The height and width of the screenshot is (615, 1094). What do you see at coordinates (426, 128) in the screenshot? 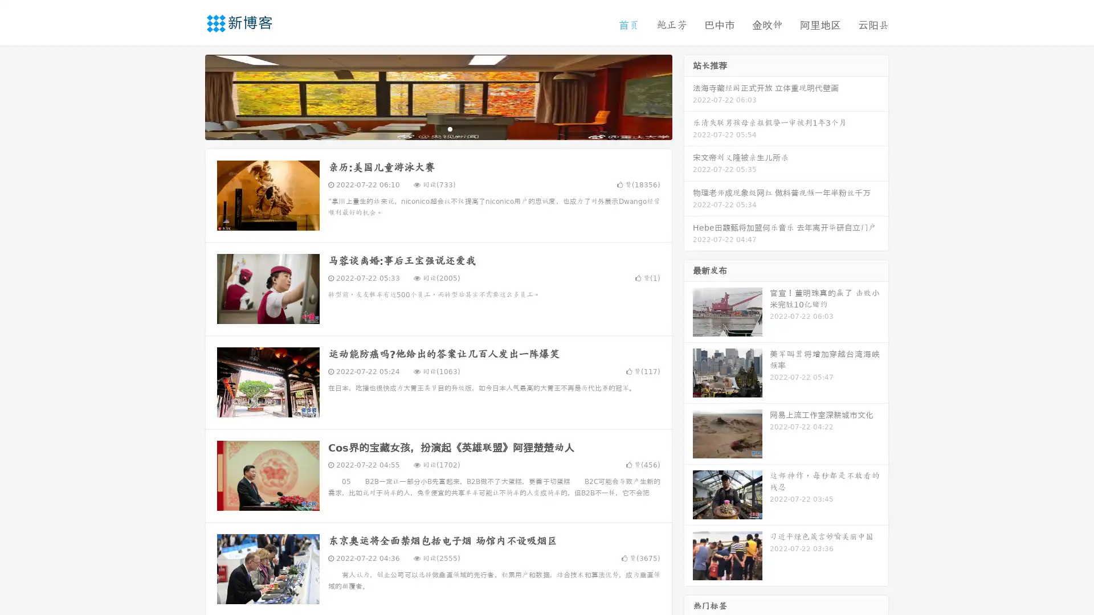
I see `Go to slide 1` at bounding box center [426, 128].